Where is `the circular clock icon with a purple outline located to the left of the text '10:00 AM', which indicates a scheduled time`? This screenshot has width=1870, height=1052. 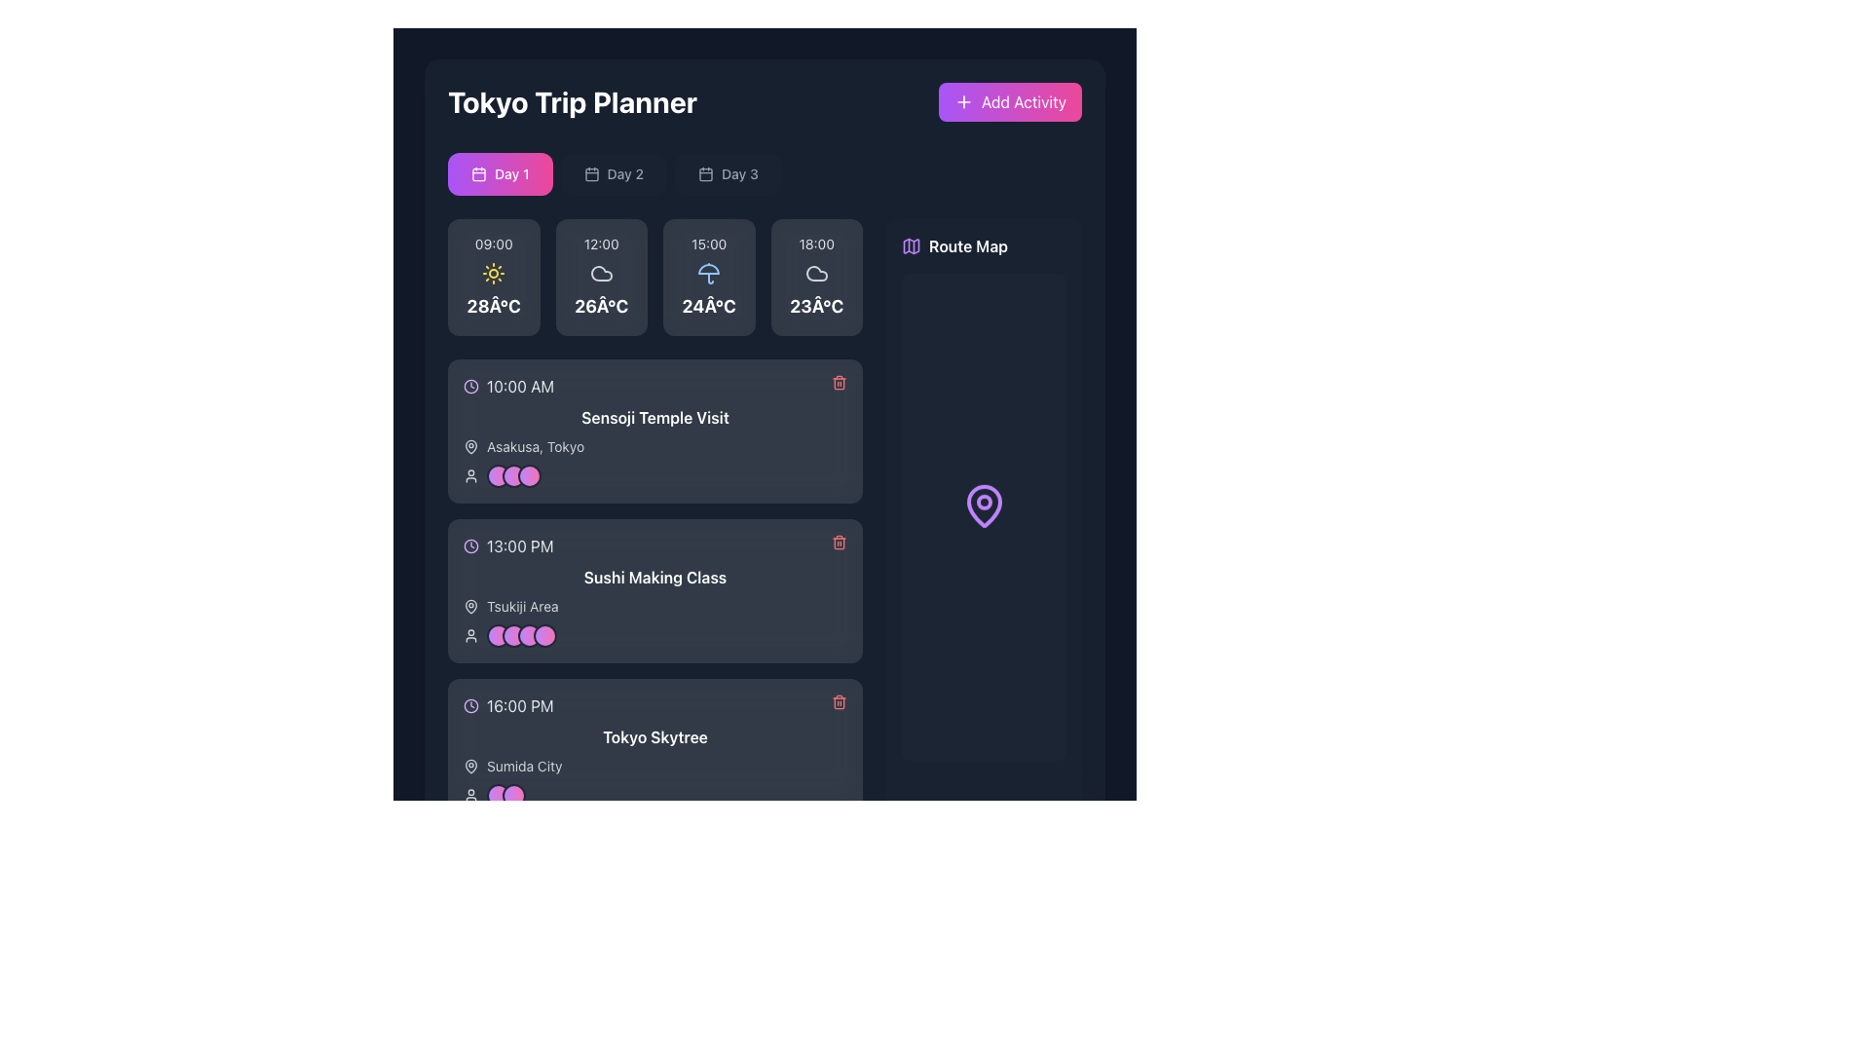
the circular clock icon with a purple outline located to the left of the text '10:00 AM', which indicates a scheduled time is located at coordinates (471, 387).